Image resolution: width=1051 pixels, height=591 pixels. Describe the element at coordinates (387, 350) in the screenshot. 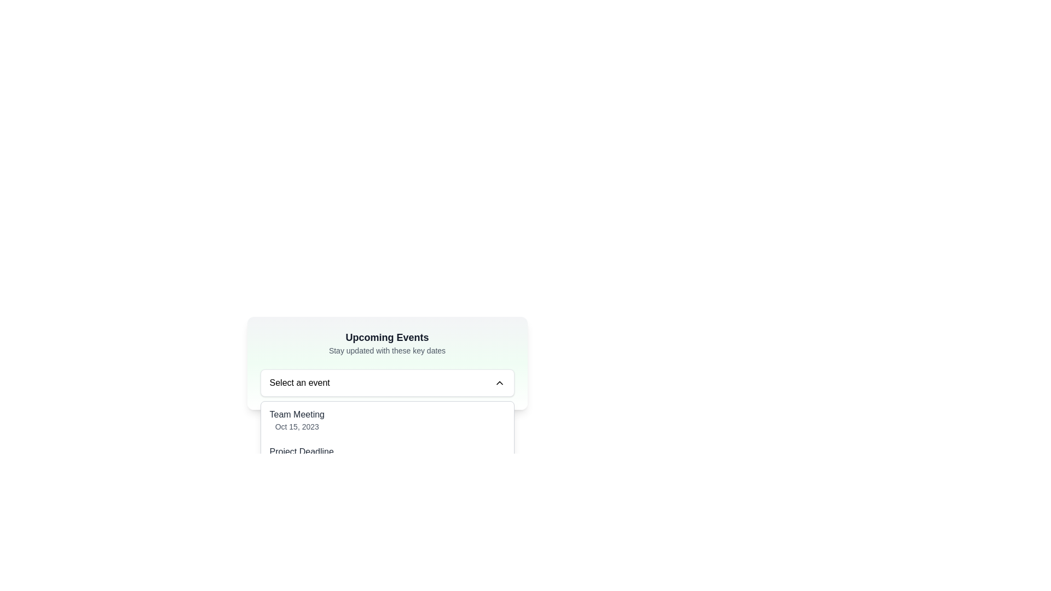

I see `the static text label that provides context or instructions for the events list, located directly below the 'Upcoming Events' title and above the 'Select an event' dropdown menu` at that location.